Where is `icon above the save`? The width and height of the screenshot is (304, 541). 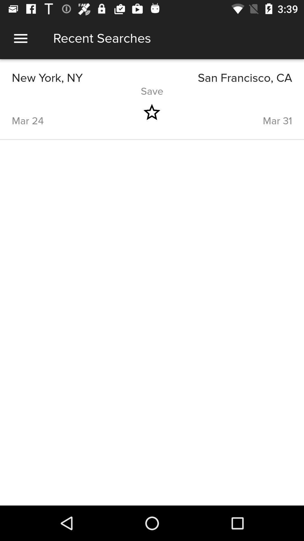
icon above the save is located at coordinates (82, 78).